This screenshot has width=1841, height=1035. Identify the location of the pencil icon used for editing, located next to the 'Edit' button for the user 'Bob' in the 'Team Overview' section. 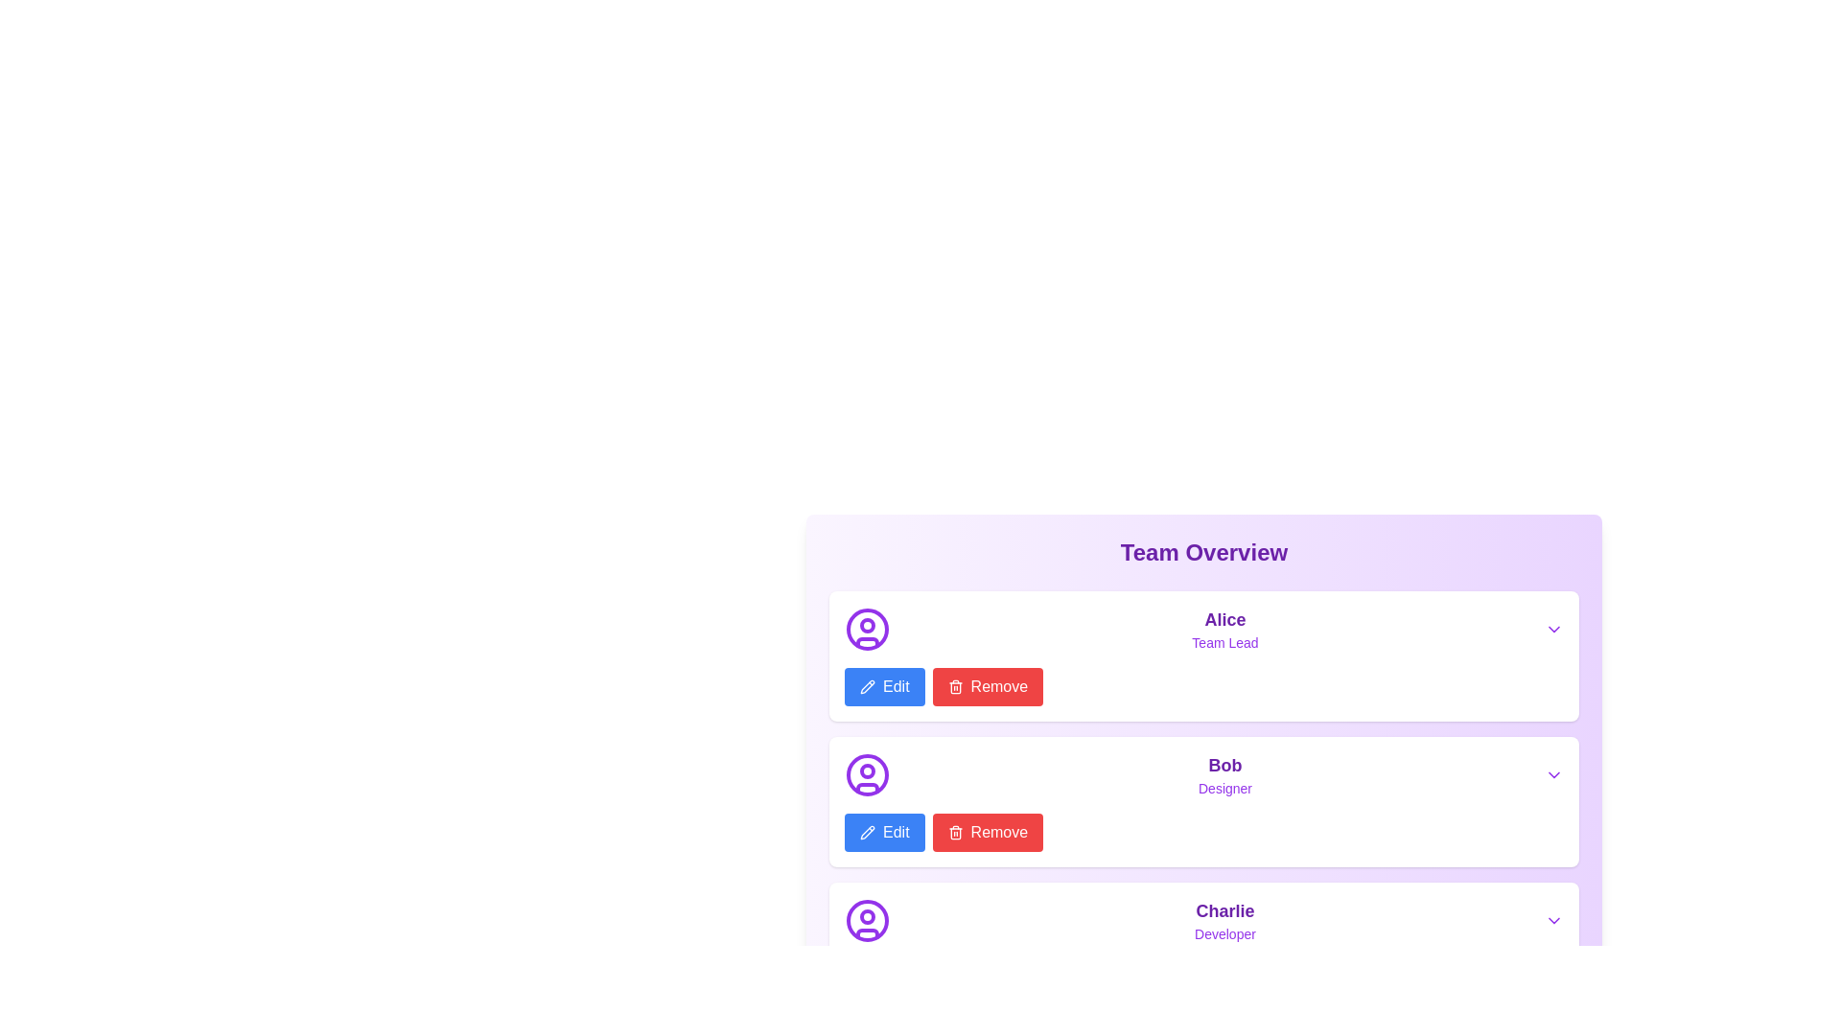
(865, 830).